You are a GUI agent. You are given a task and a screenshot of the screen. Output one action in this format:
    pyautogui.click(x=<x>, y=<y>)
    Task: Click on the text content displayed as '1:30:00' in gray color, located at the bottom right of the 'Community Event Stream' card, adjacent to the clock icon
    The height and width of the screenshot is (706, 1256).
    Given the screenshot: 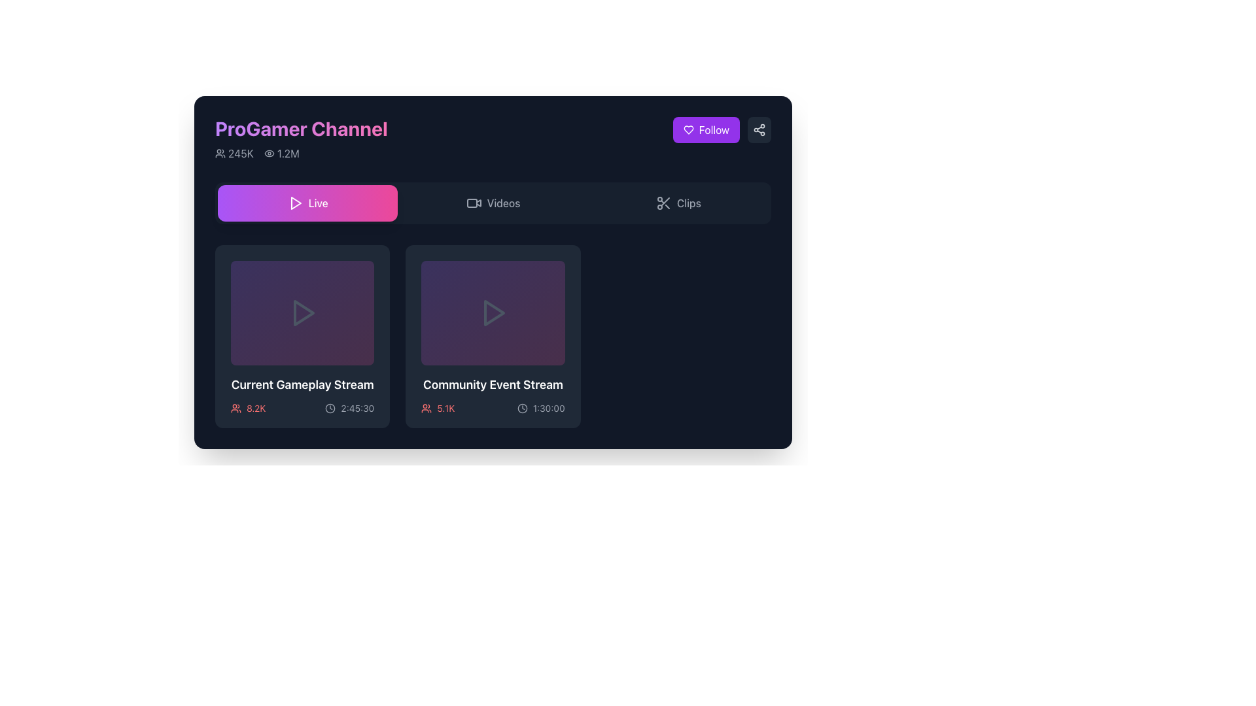 What is the action you would take?
    pyautogui.click(x=549, y=407)
    